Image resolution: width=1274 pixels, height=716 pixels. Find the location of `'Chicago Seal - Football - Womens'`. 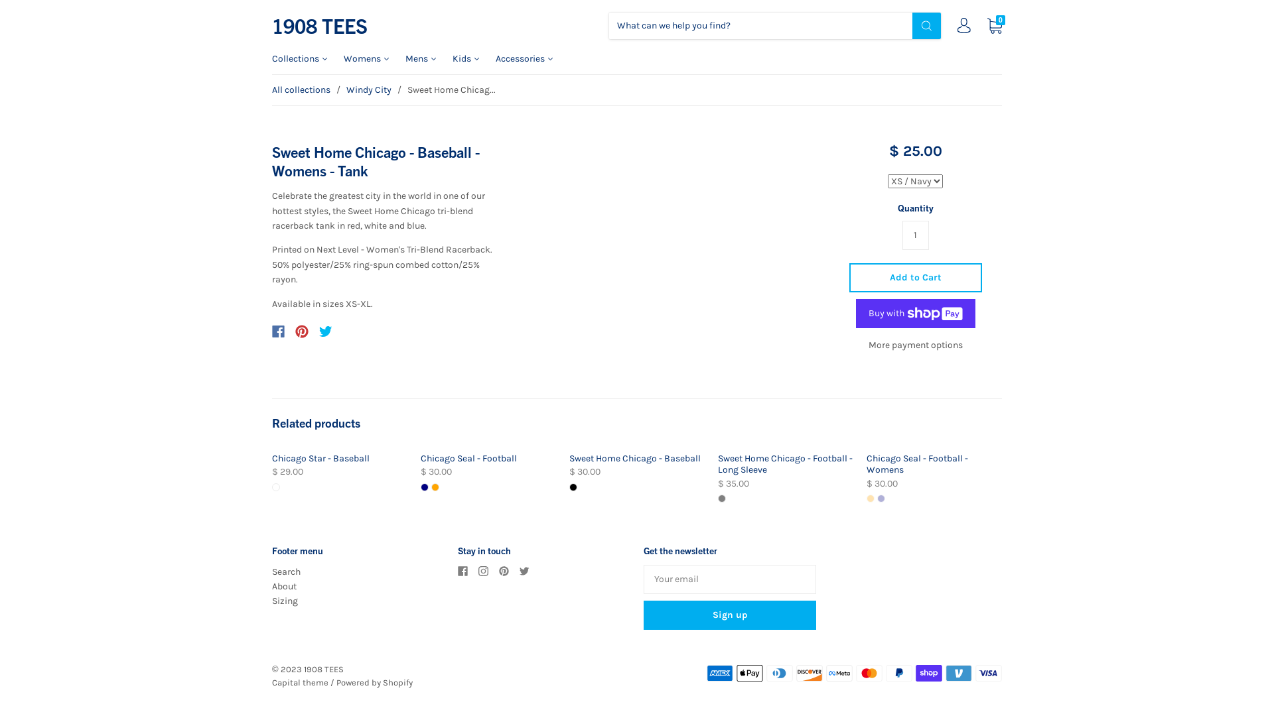

'Chicago Seal - Football - Womens' is located at coordinates (916, 463).